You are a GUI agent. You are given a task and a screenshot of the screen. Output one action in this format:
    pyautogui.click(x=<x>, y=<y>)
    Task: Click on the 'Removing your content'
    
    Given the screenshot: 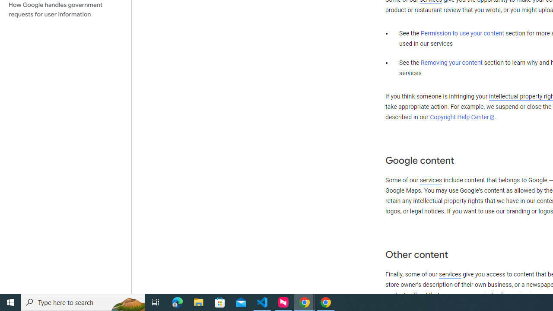 What is the action you would take?
    pyautogui.click(x=451, y=62)
    